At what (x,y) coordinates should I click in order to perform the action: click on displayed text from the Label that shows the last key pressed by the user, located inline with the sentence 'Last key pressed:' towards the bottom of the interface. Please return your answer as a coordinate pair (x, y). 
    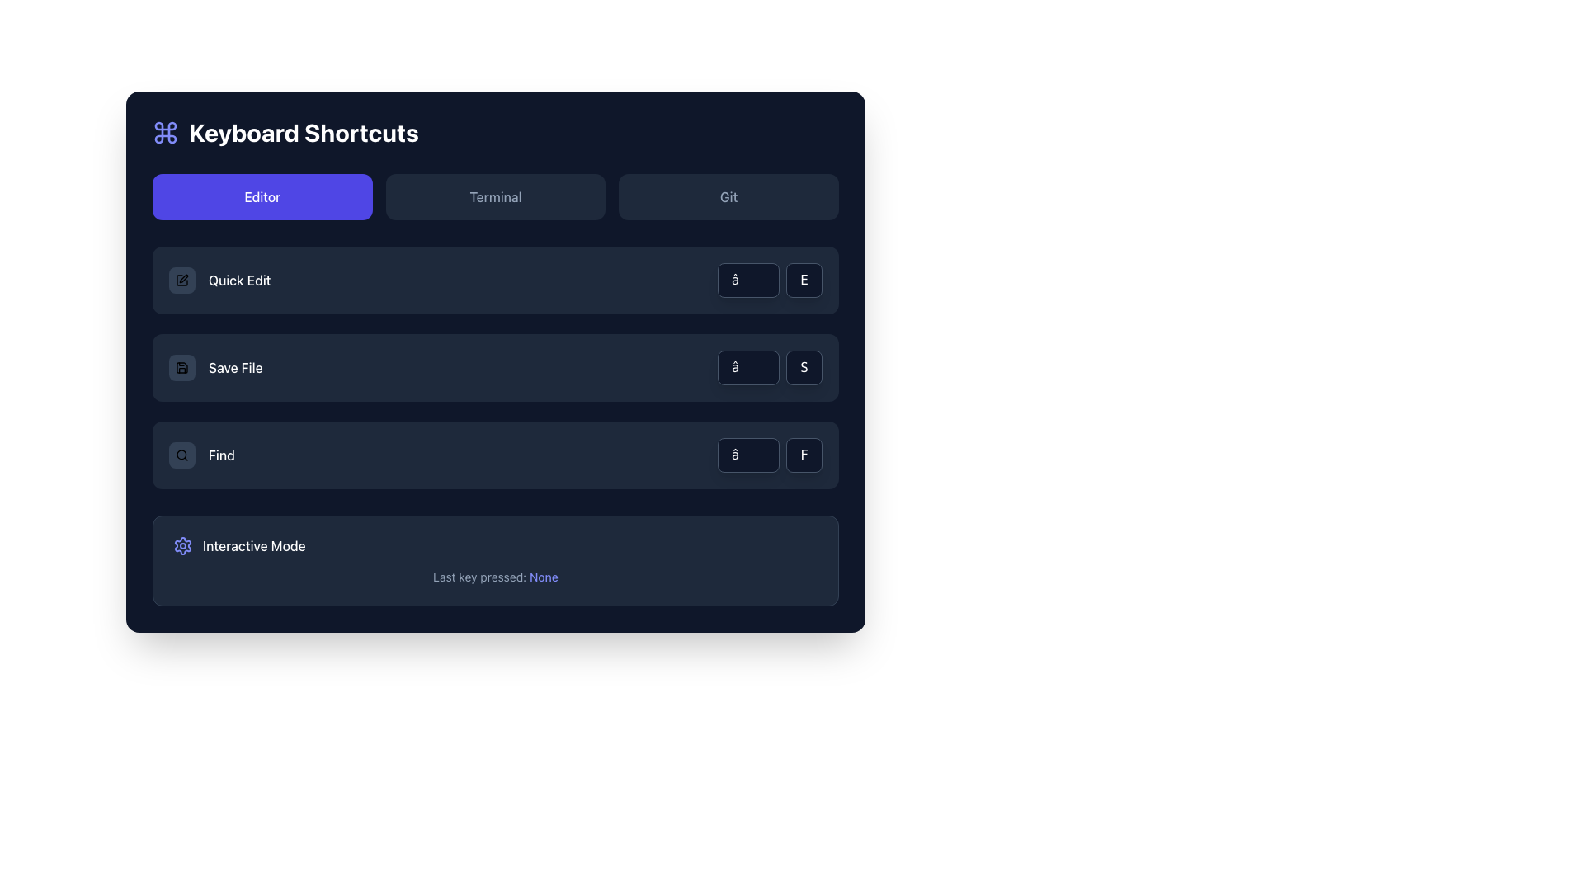
    Looking at the image, I should click on (544, 576).